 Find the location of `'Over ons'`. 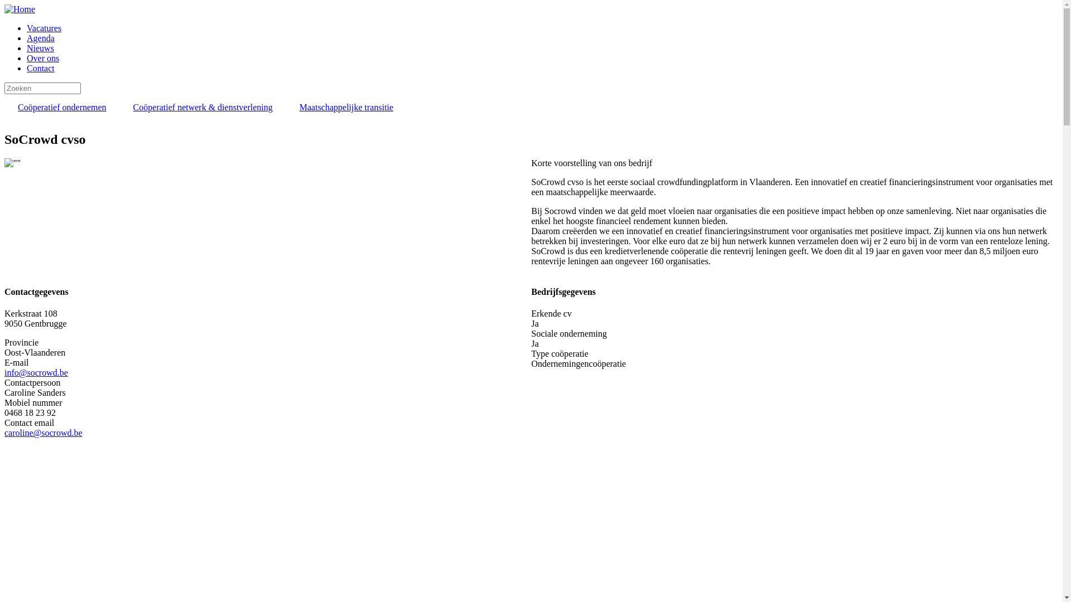

'Over ons' is located at coordinates (42, 58).